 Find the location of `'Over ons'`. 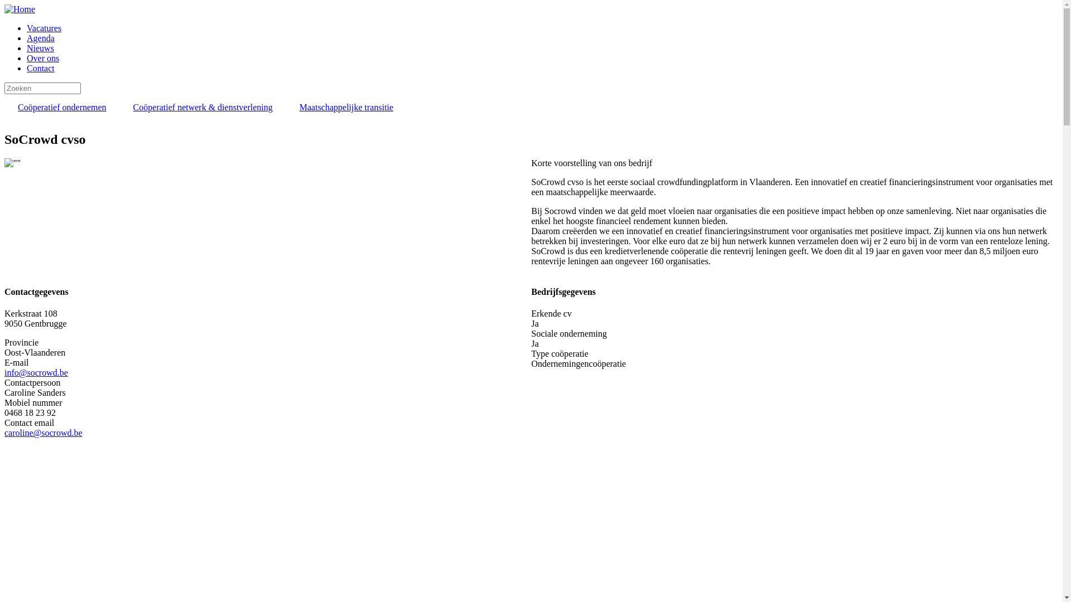

'Over ons' is located at coordinates (42, 58).